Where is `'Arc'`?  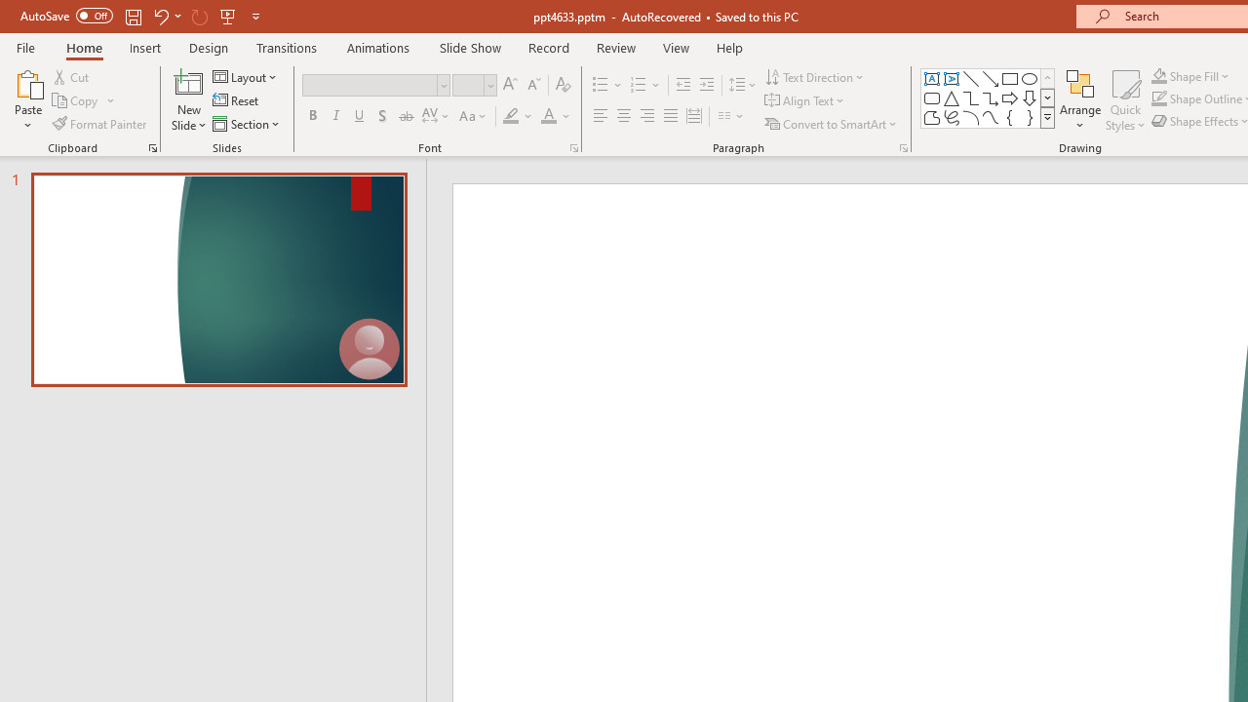
'Arc' is located at coordinates (970, 117).